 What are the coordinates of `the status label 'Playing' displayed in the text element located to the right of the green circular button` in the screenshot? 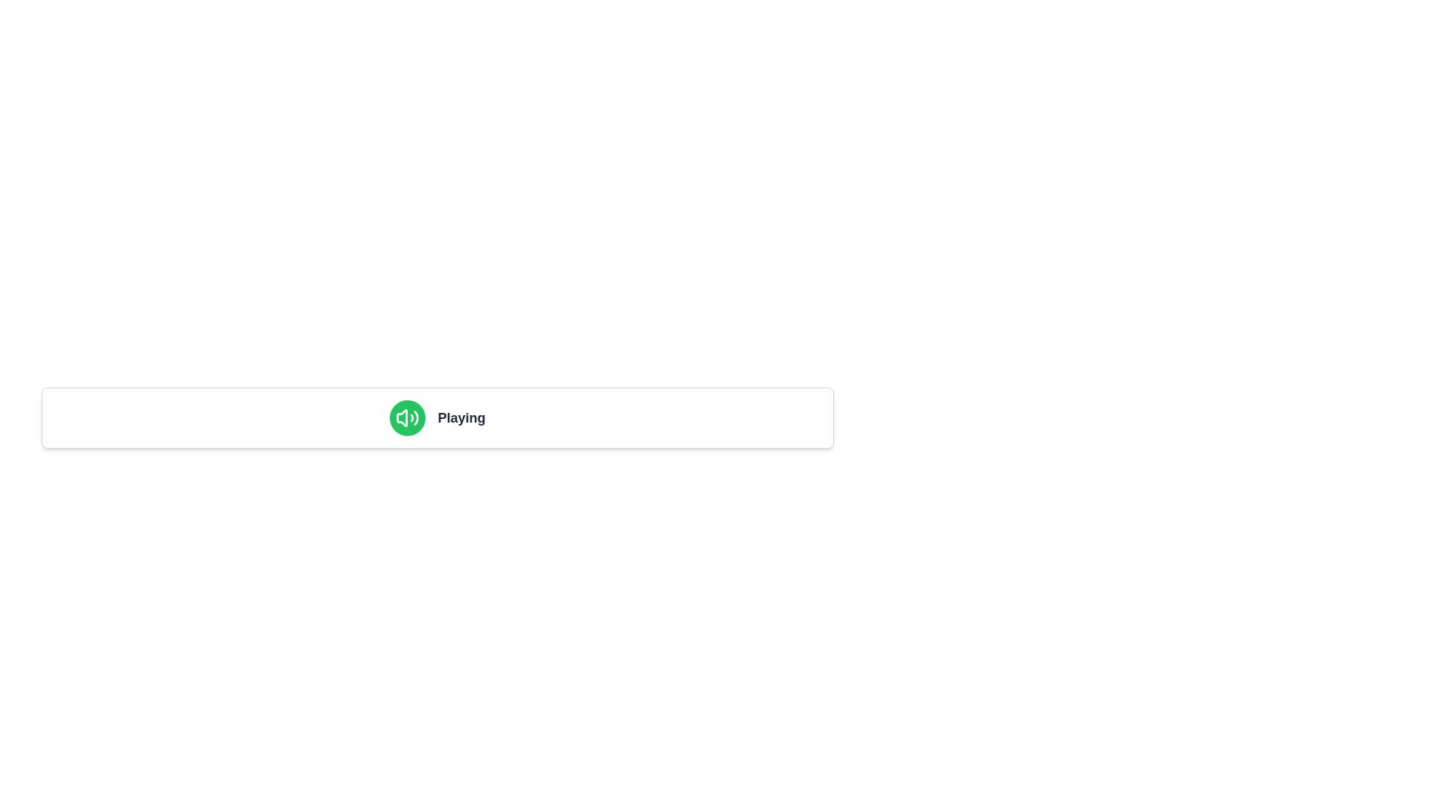 It's located at (461, 417).